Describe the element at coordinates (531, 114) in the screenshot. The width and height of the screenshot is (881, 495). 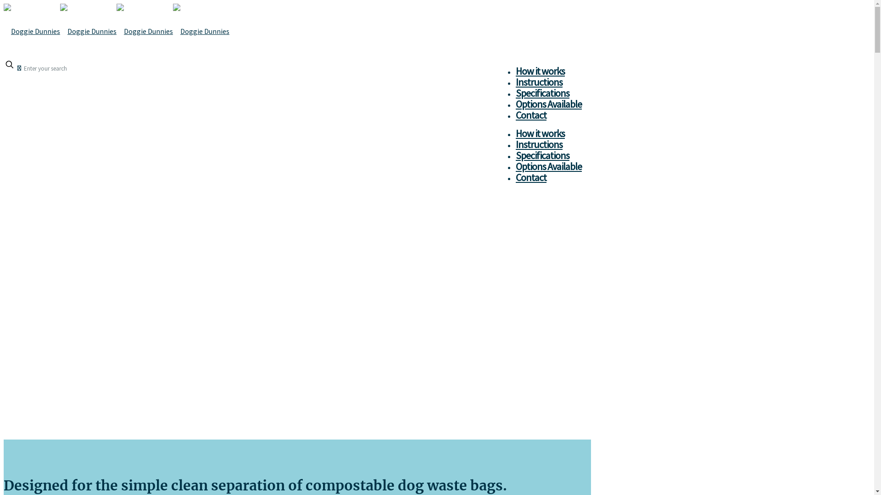
I see `'Contact'` at that location.